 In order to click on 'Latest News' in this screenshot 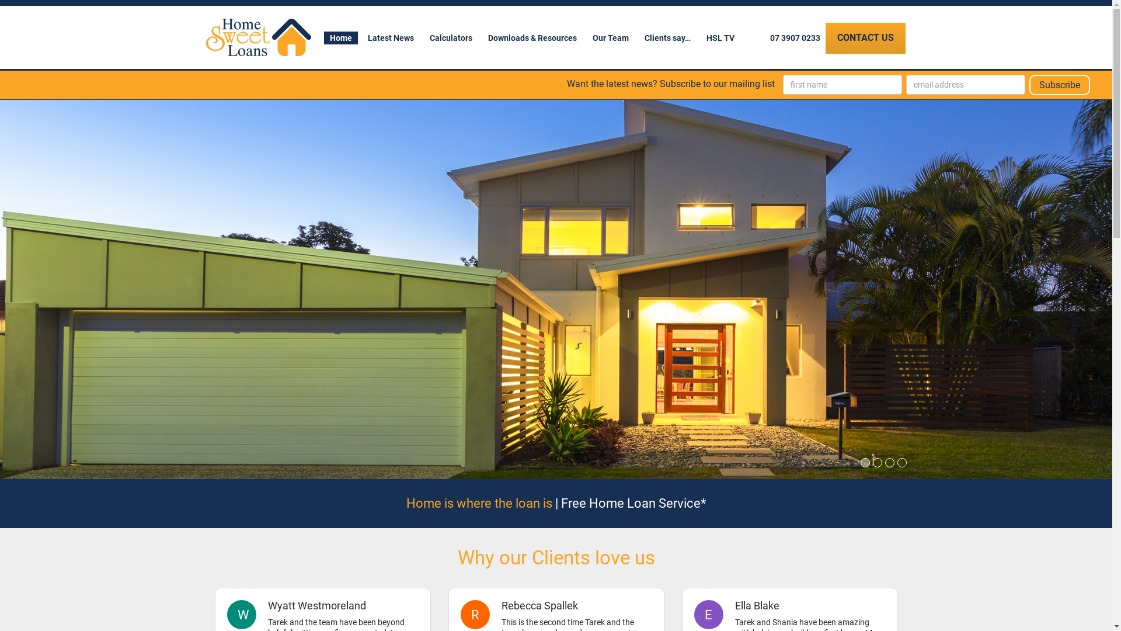, I will do `click(391, 37)`.